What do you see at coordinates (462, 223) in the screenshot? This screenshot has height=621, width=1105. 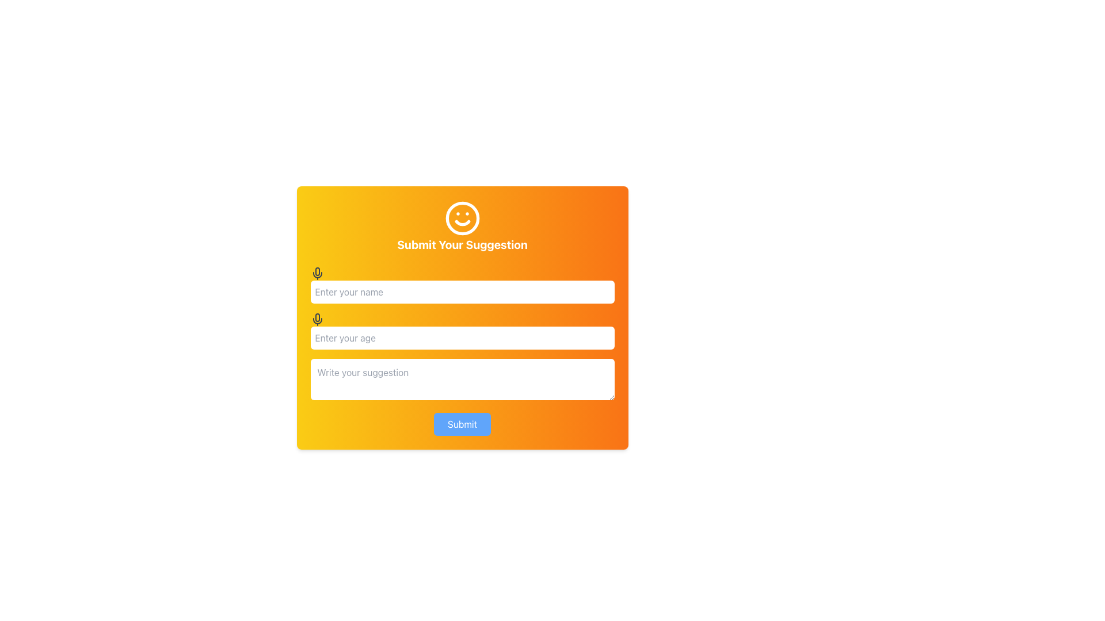 I see `the arc element that forms a smile in the smiling face icon, located at the center-top position of the interface` at bounding box center [462, 223].